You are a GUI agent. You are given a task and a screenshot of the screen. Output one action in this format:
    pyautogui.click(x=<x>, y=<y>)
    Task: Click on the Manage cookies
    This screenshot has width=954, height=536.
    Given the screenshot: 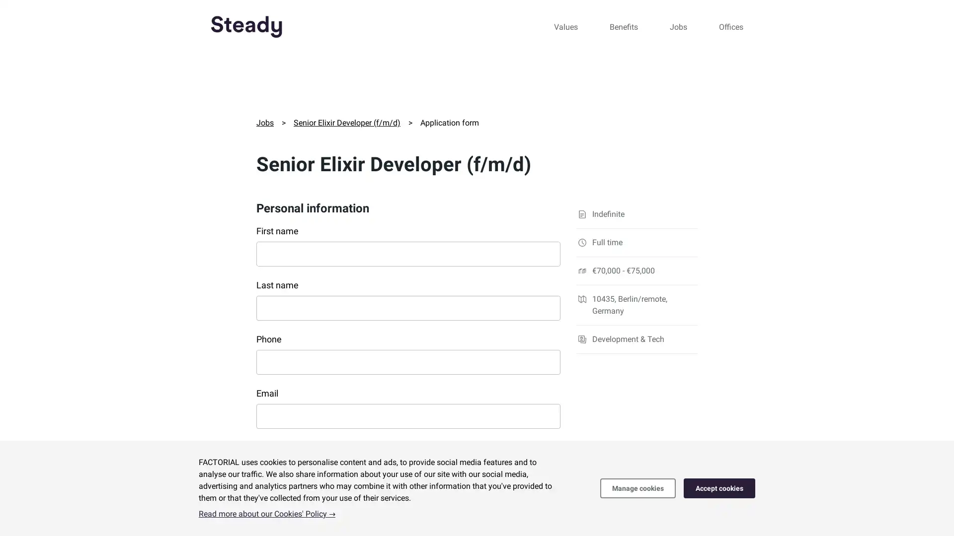 What is the action you would take?
    pyautogui.click(x=637, y=487)
    